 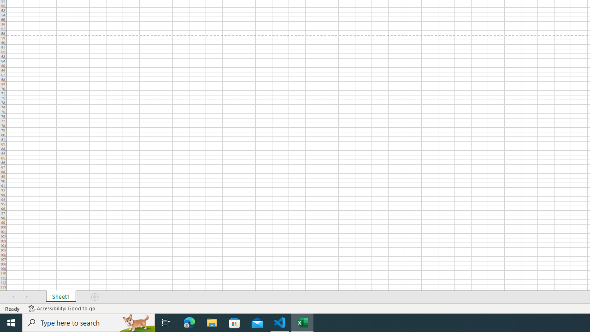 I want to click on 'Accessibility Checker Accessibility: Good to go', so click(x=61, y=308).